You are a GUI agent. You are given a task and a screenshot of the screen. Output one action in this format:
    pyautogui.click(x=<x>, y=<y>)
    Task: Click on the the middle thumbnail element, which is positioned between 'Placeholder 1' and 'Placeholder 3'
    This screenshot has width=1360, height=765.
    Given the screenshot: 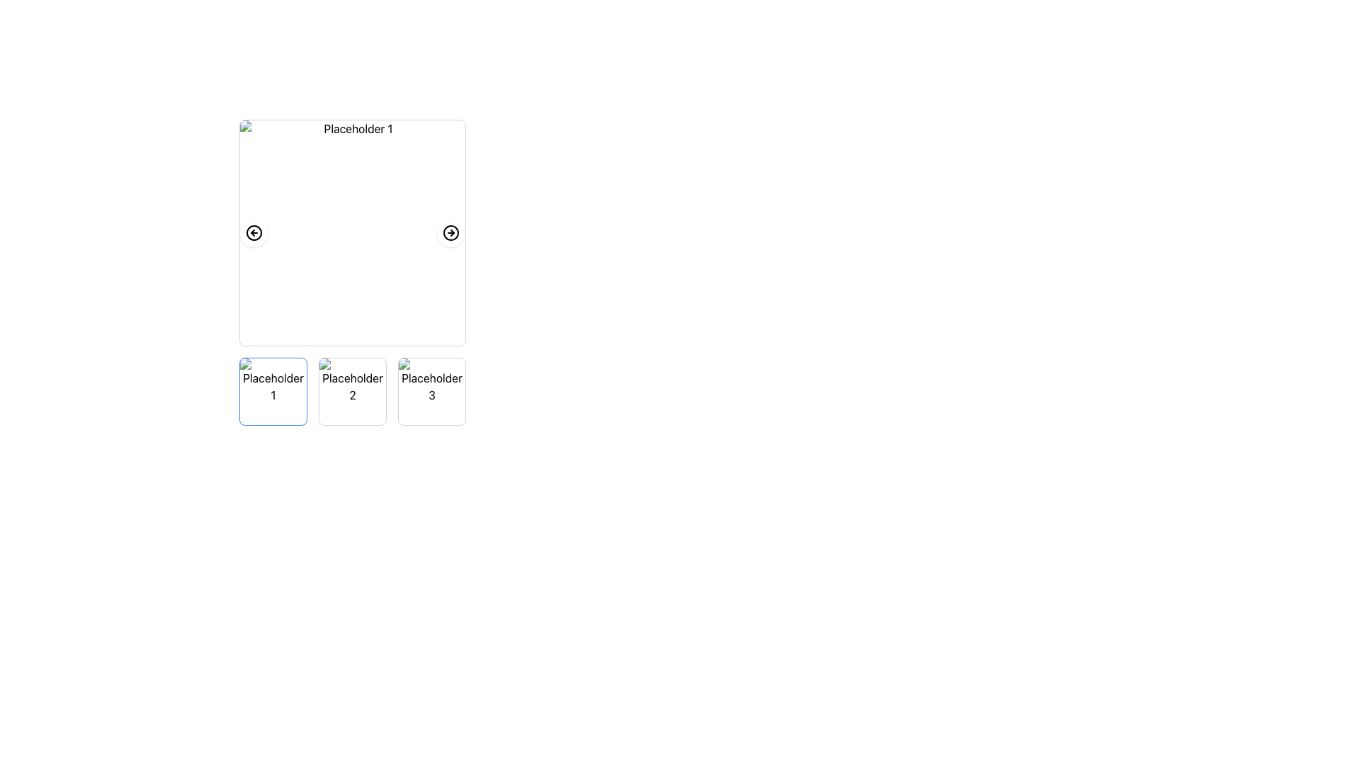 What is the action you would take?
    pyautogui.click(x=353, y=391)
    